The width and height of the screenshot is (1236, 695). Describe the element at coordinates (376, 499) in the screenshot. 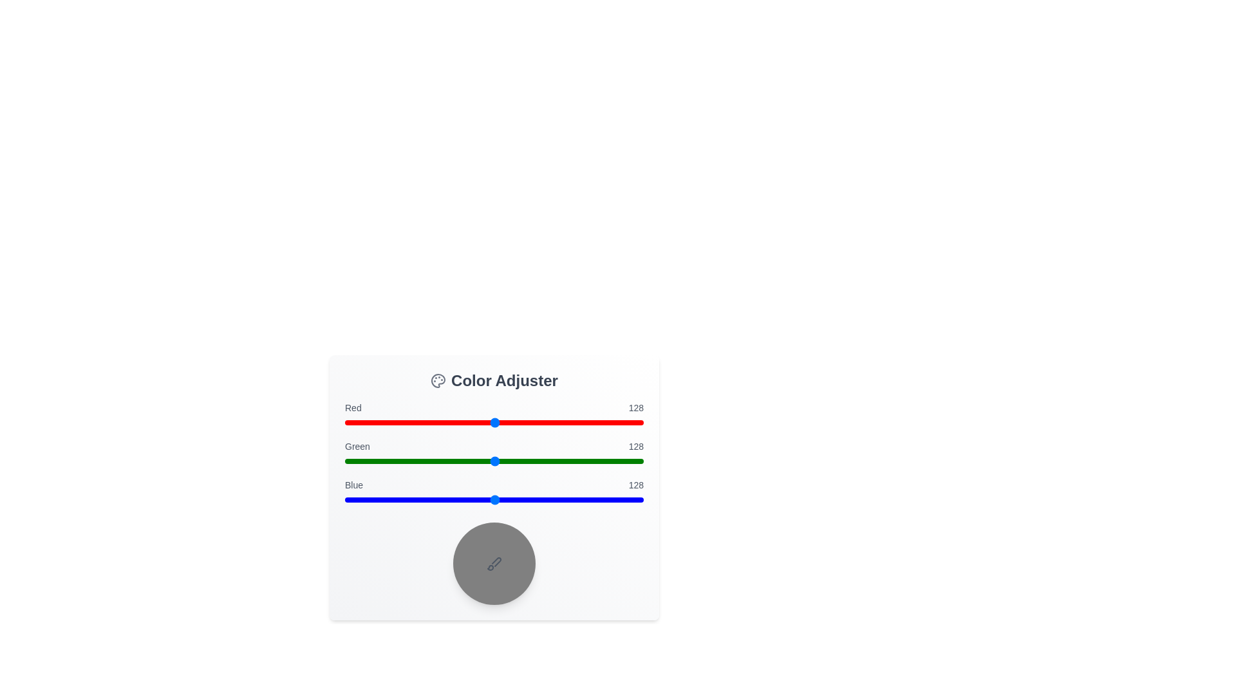

I see `the blue slider to set its value to 27` at that location.